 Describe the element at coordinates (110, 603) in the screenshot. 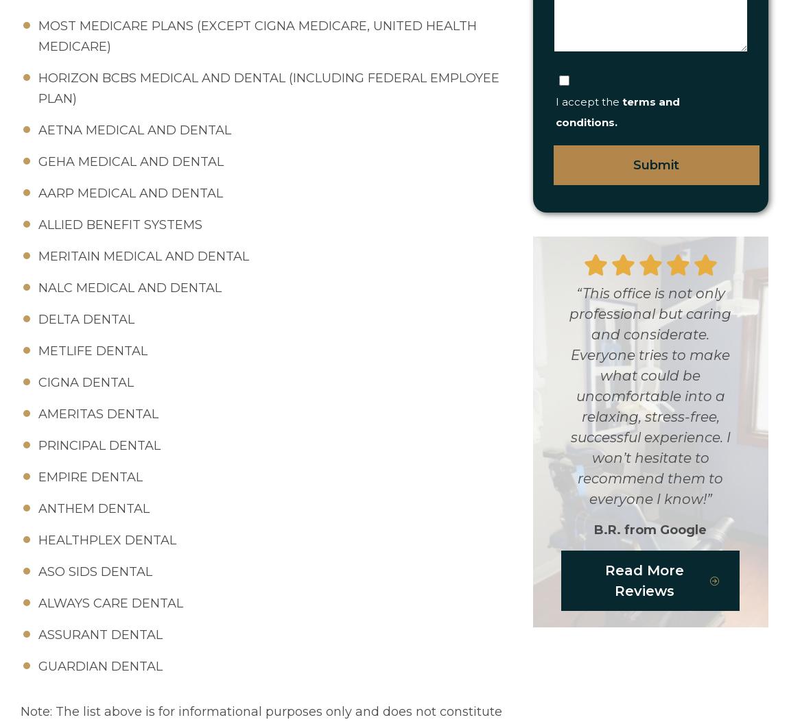

I see `'ALWAYS CARE DENTAL'` at that location.